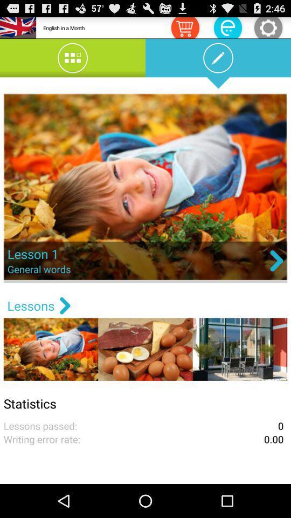  I want to click on the symbol which is left hand side of shoping cart, so click(227, 27).